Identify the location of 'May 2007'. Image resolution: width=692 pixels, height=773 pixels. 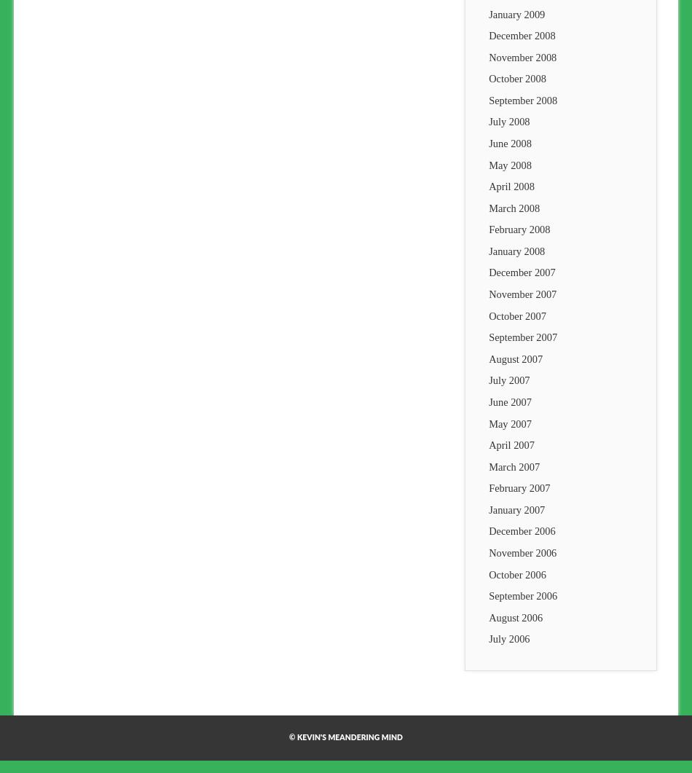
(509, 423).